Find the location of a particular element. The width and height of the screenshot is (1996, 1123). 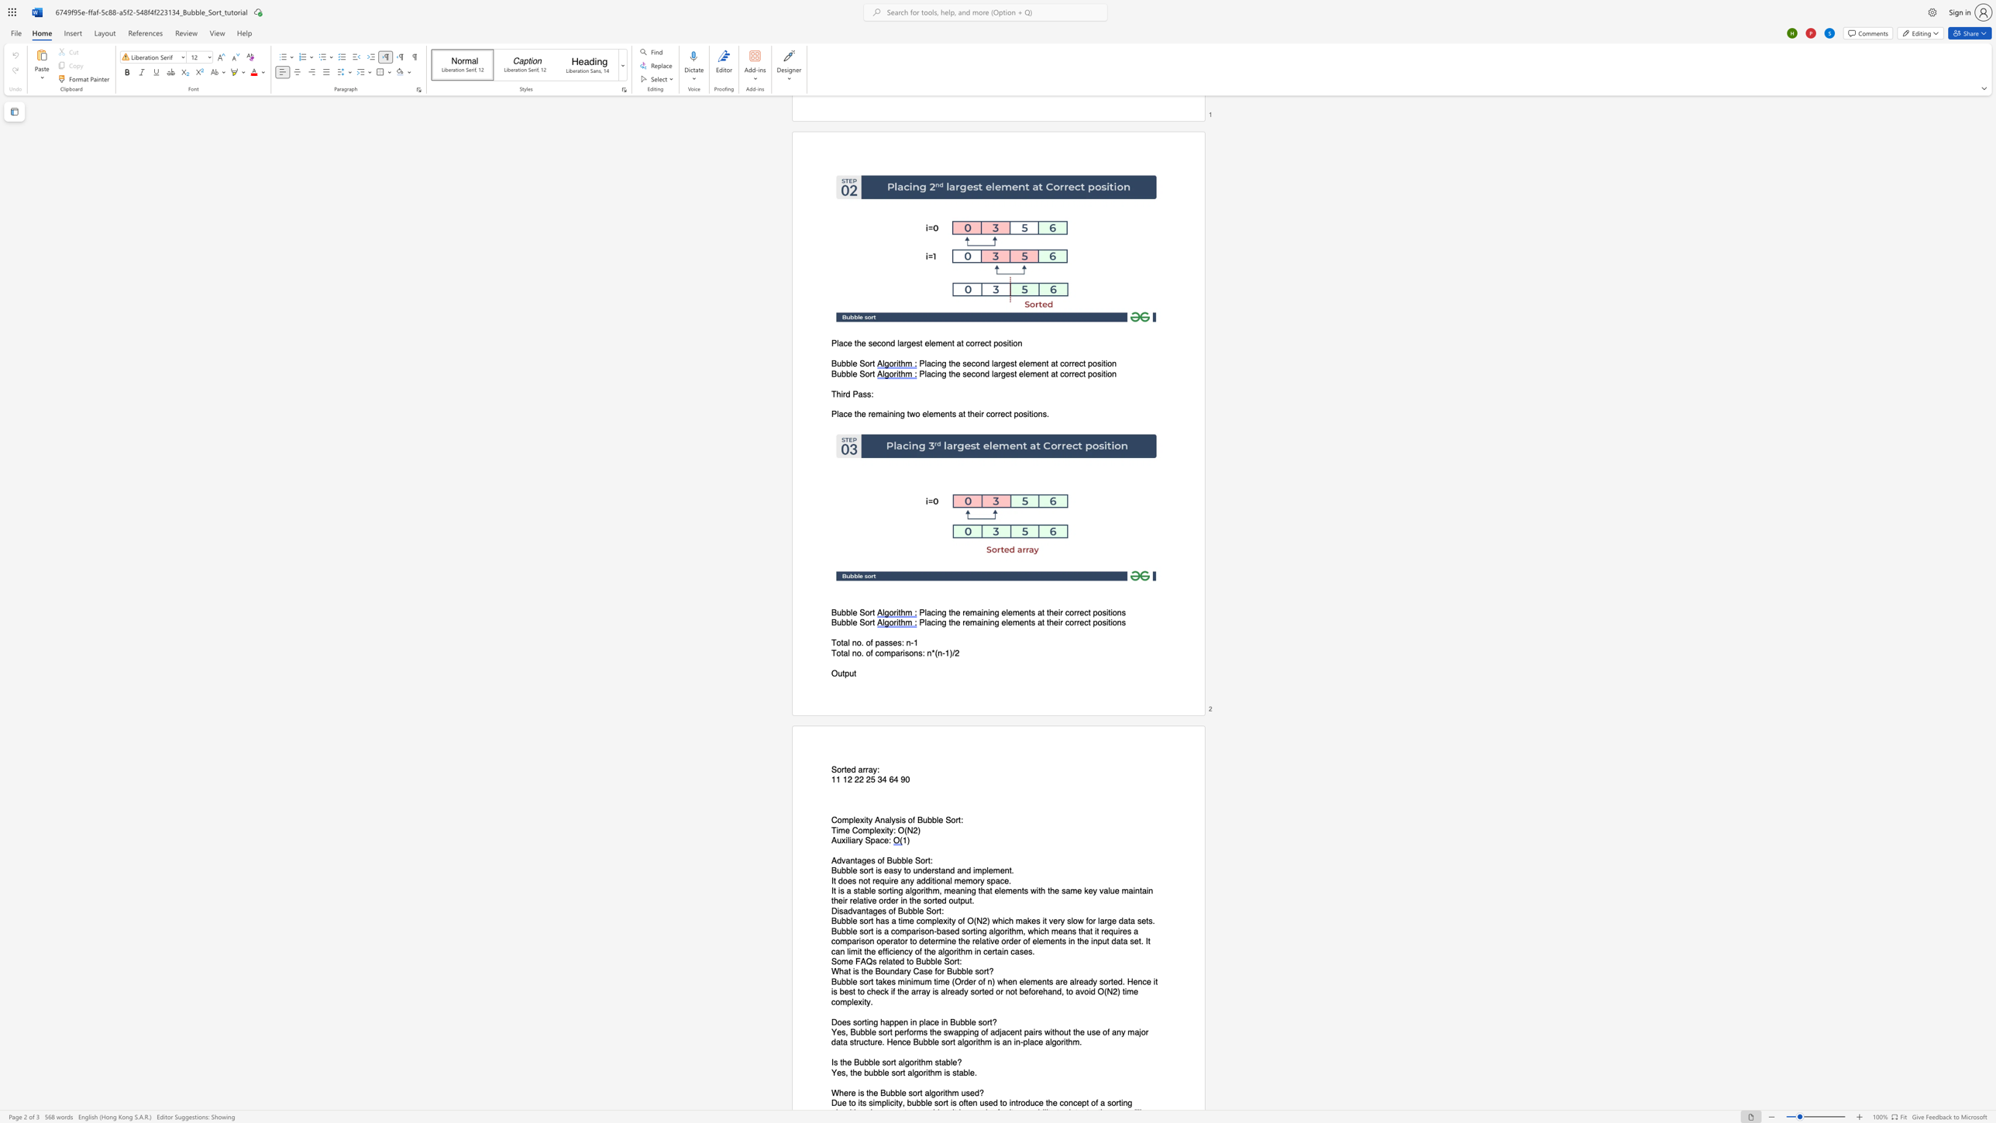

the space between the continuous character "t" and "o" in the text is located at coordinates (906, 871).